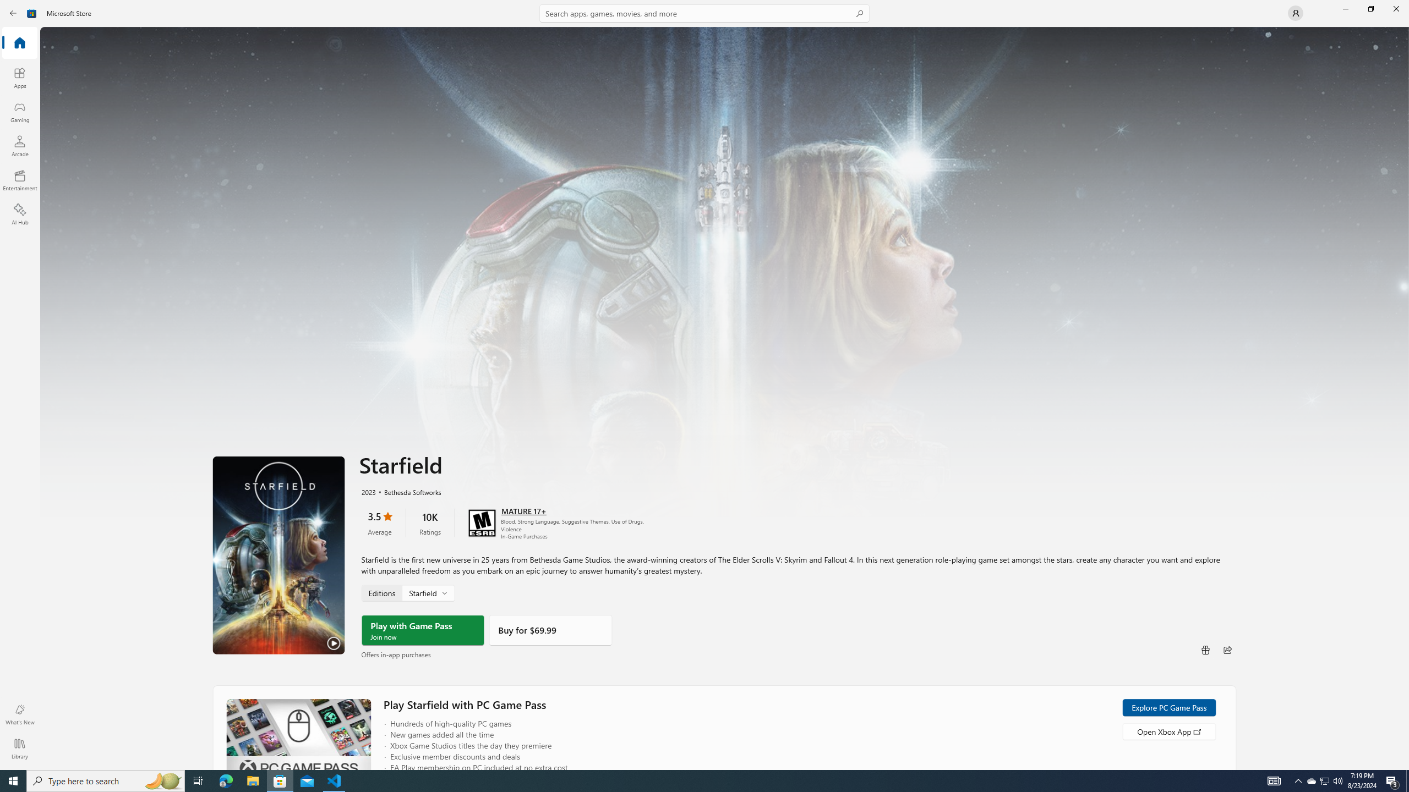 Image resolution: width=1409 pixels, height=792 pixels. Describe the element at coordinates (1168, 706) in the screenshot. I see `'Explore PC Game Pass'` at that location.